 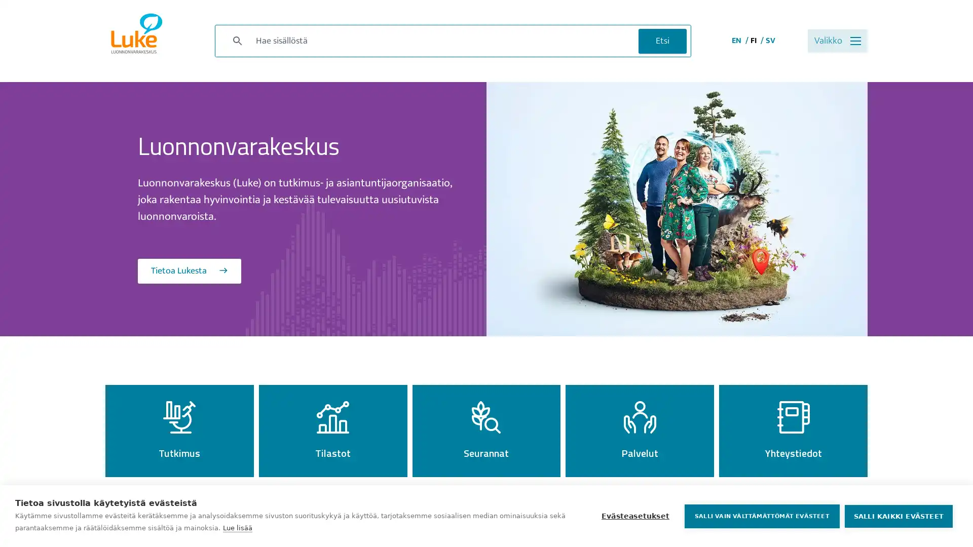 I want to click on Etsi, so click(x=621, y=40).